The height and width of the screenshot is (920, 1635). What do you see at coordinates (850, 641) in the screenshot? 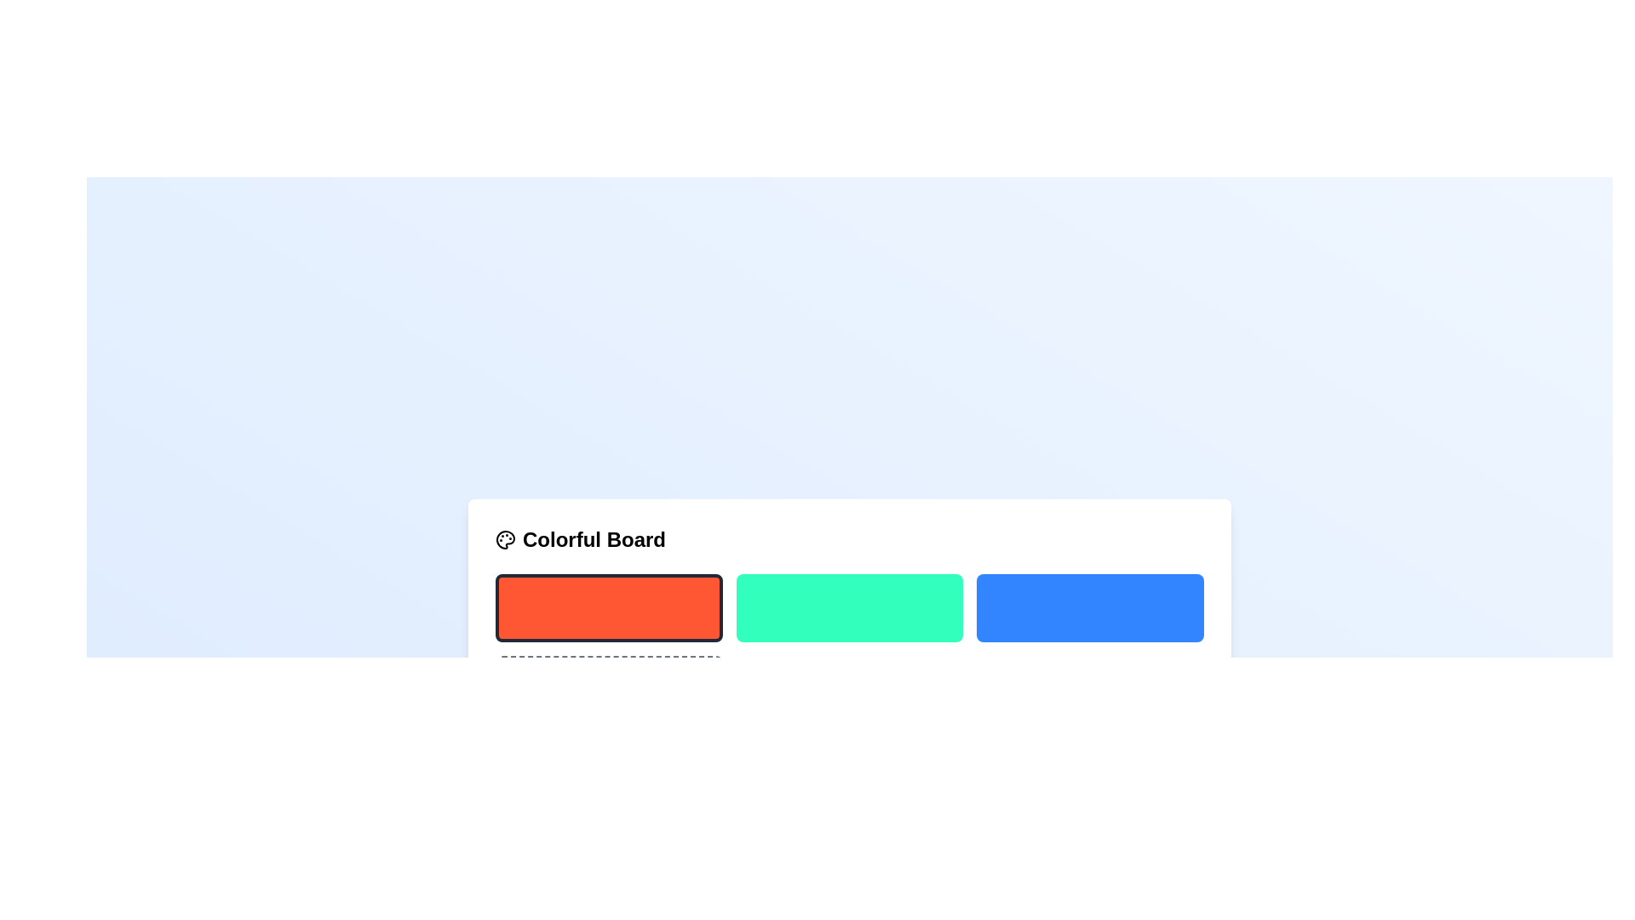
I see `the second selectable color tile in the palette located below the 'Colorful Board' header` at bounding box center [850, 641].